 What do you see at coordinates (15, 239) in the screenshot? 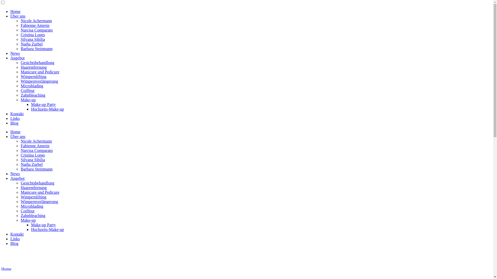
I see `'Links'` at bounding box center [15, 239].